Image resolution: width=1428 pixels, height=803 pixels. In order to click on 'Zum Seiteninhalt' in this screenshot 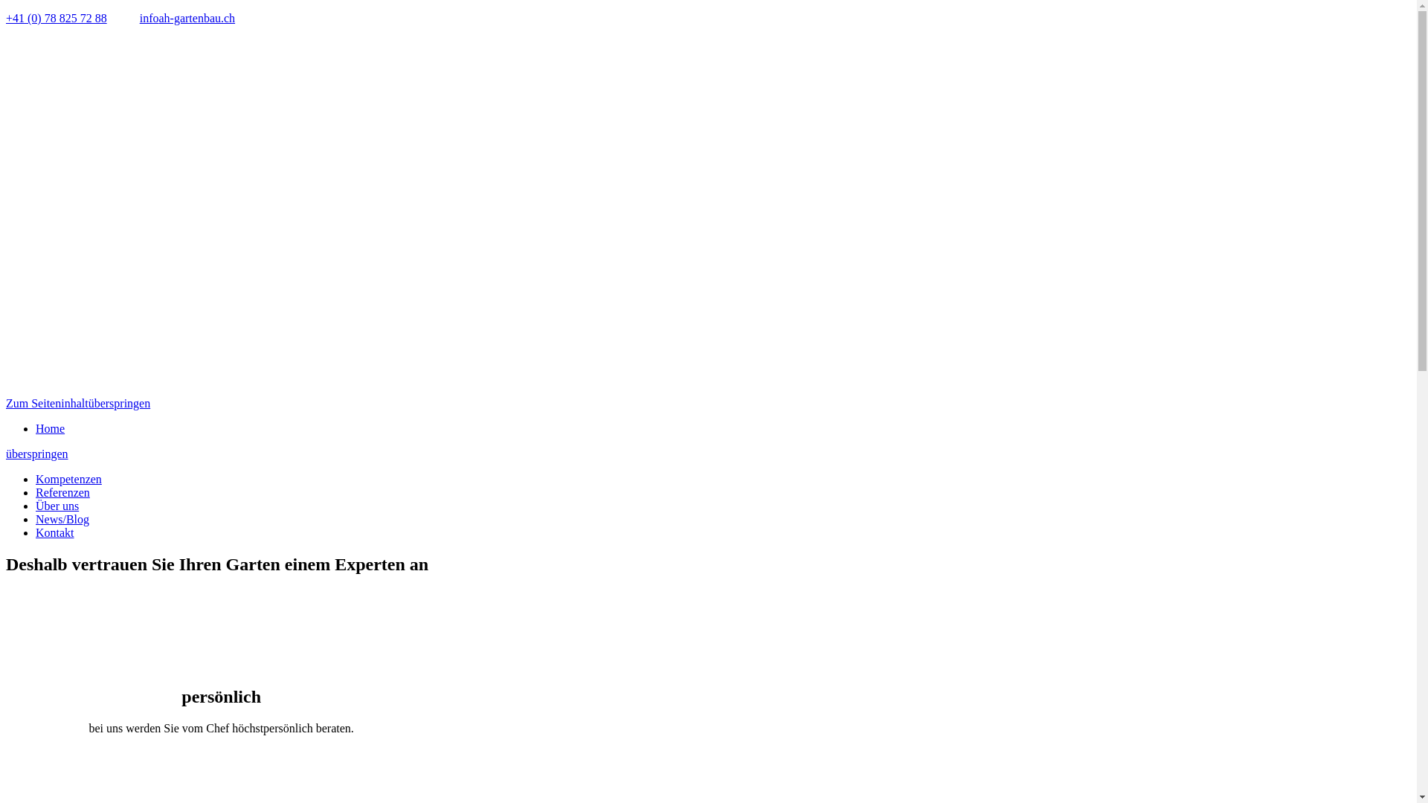, I will do `click(47, 403)`.